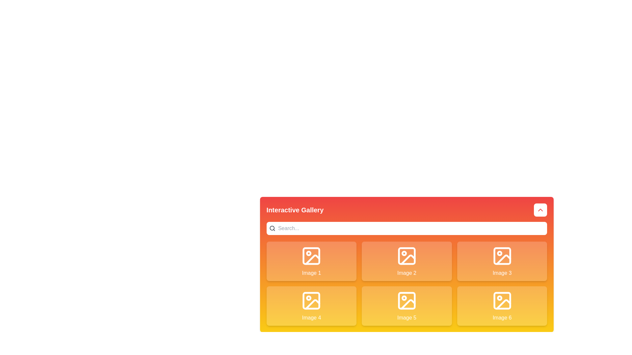  I want to click on the circular lens of the magnifying glass icon, which represents the search function, so click(272, 228).